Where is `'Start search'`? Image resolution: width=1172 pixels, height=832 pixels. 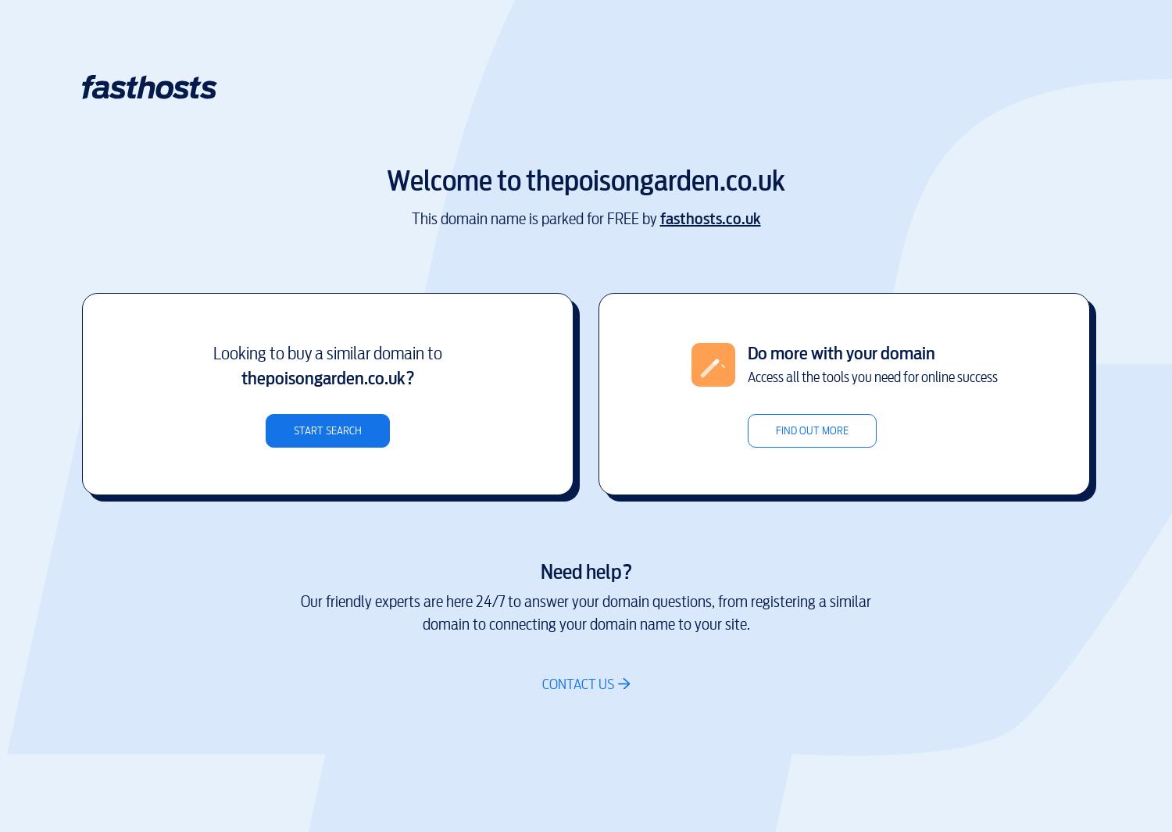
'Start search' is located at coordinates (294, 430).